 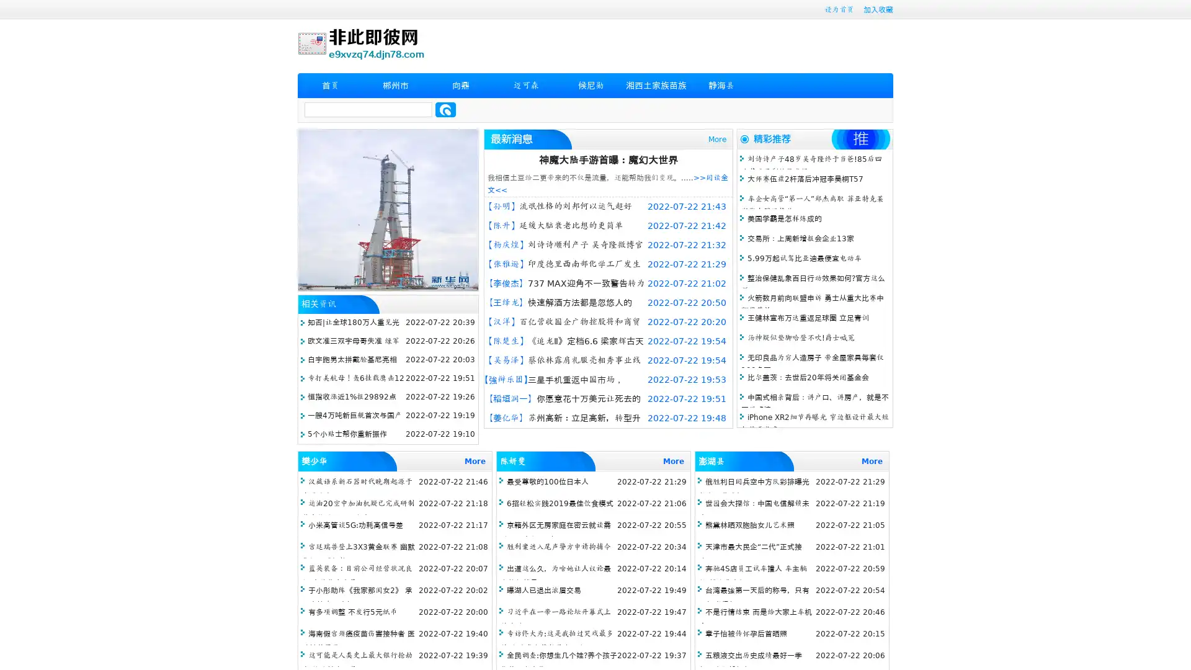 What do you see at coordinates (445, 109) in the screenshot?
I see `Search` at bounding box center [445, 109].